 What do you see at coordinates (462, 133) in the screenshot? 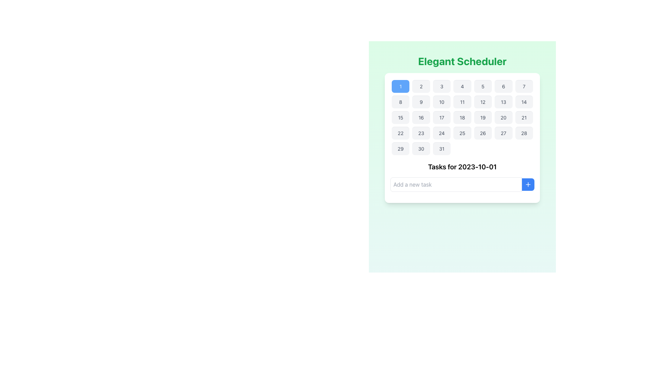
I see `the button representing the 25th day` at bounding box center [462, 133].